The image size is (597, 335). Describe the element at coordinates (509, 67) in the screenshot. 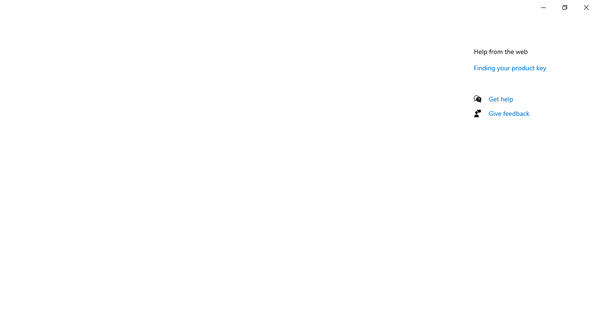

I see `'Finding your product key'` at that location.